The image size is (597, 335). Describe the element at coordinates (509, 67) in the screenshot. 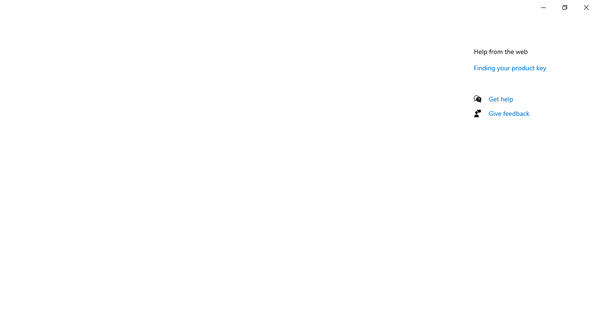

I see `'Finding your product key'` at that location.